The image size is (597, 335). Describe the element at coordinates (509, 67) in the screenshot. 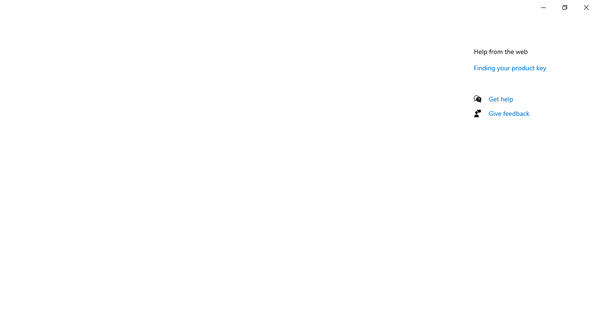

I see `'Finding your product key'` at that location.